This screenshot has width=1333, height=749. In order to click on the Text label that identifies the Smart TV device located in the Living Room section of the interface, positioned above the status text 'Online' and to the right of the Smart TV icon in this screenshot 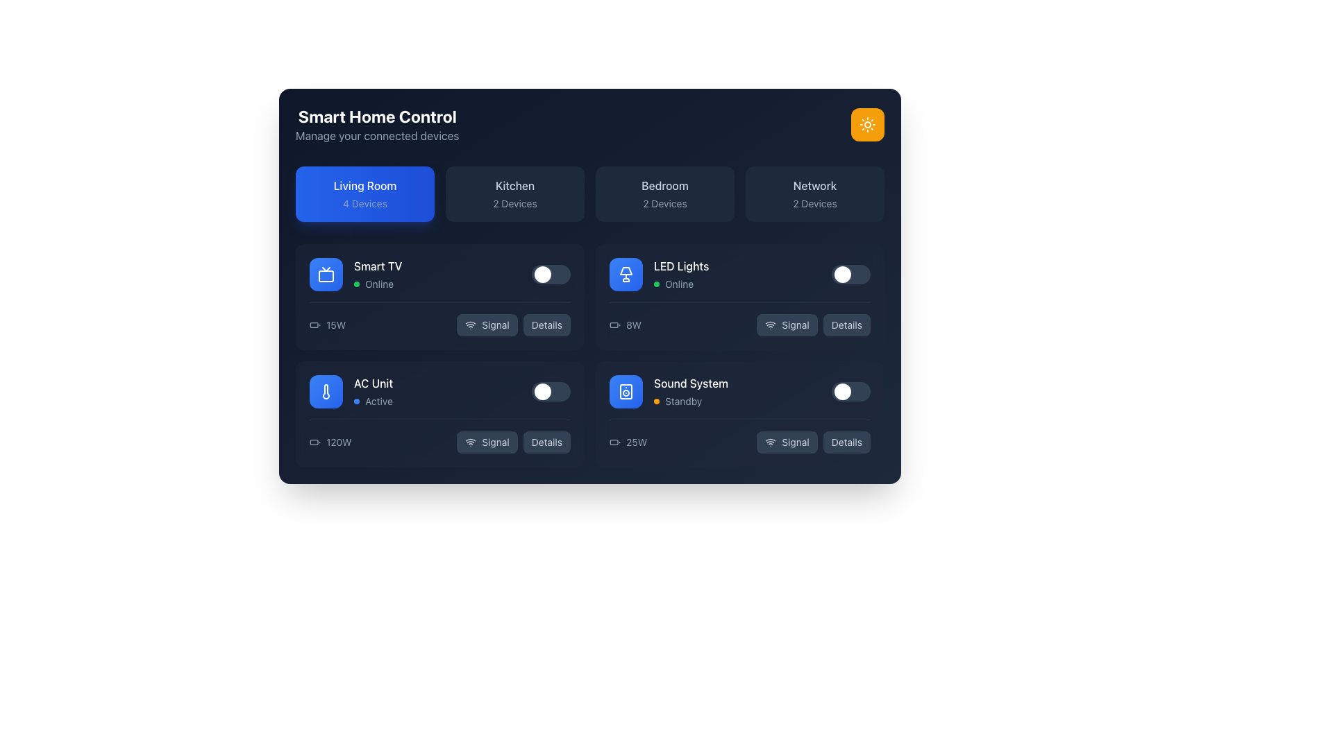, I will do `click(378, 266)`.